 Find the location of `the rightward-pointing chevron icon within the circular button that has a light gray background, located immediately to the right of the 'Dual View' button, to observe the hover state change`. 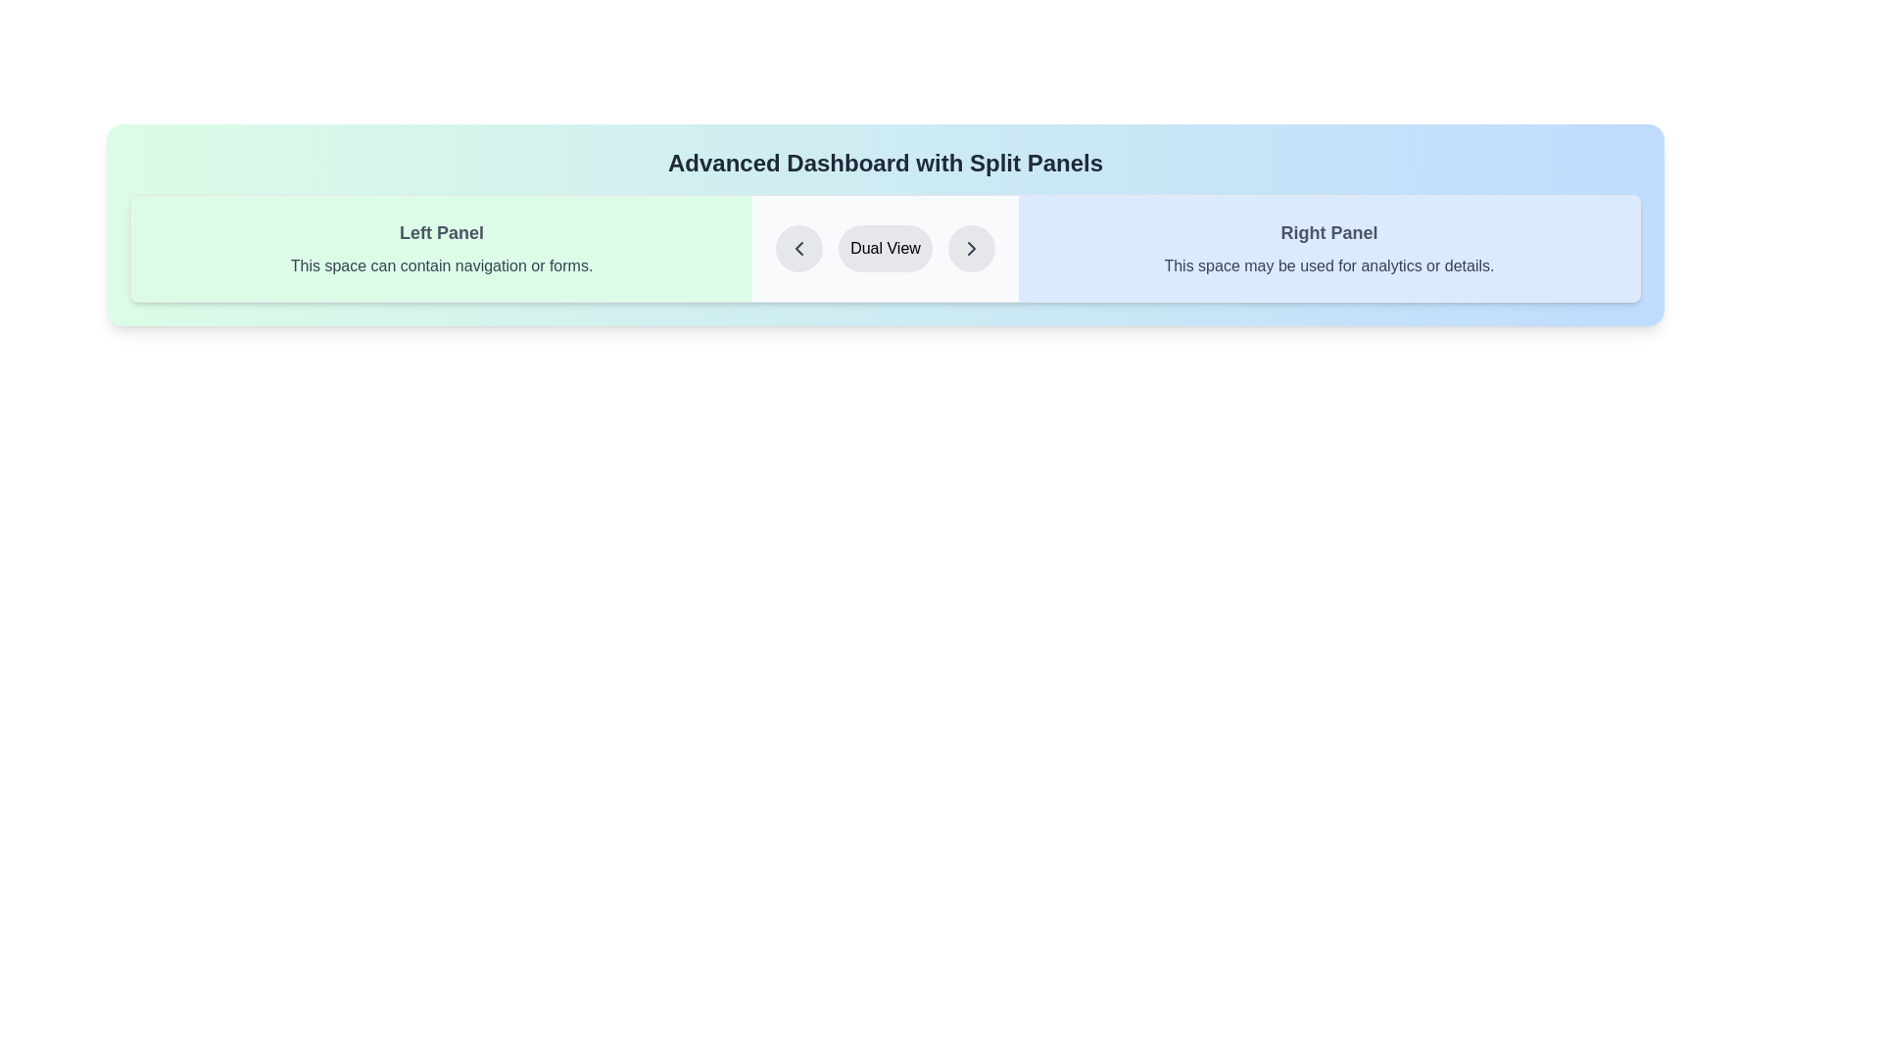

the rightward-pointing chevron icon within the circular button that has a light gray background, located immediately to the right of the 'Dual View' button, to observe the hover state change is located at coordinates (971, 248).